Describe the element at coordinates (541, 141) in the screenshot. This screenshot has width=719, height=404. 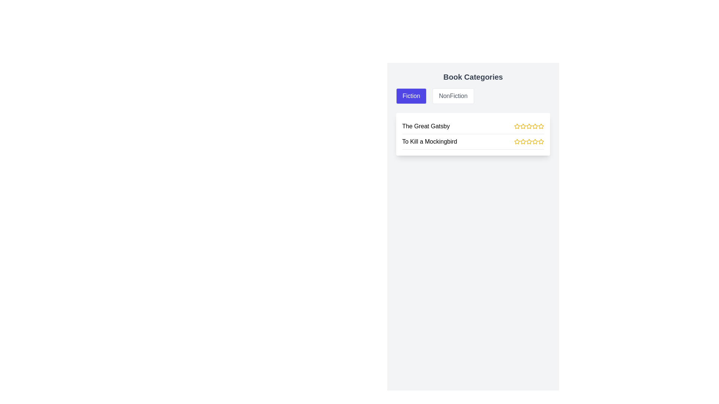
I see `the fifth star icon in the rating group for the book 'To Kill a Mockingbird'` at that location.